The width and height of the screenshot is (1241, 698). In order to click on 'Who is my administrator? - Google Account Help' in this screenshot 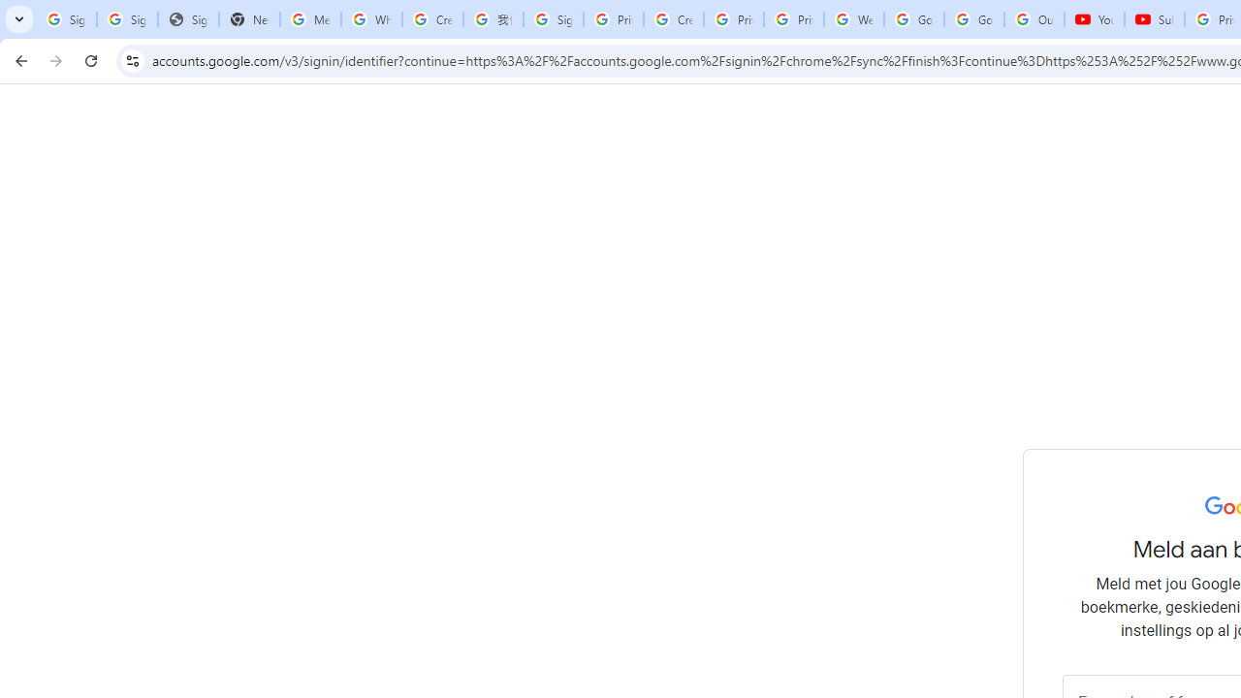, I will do `click(371, 19)`.